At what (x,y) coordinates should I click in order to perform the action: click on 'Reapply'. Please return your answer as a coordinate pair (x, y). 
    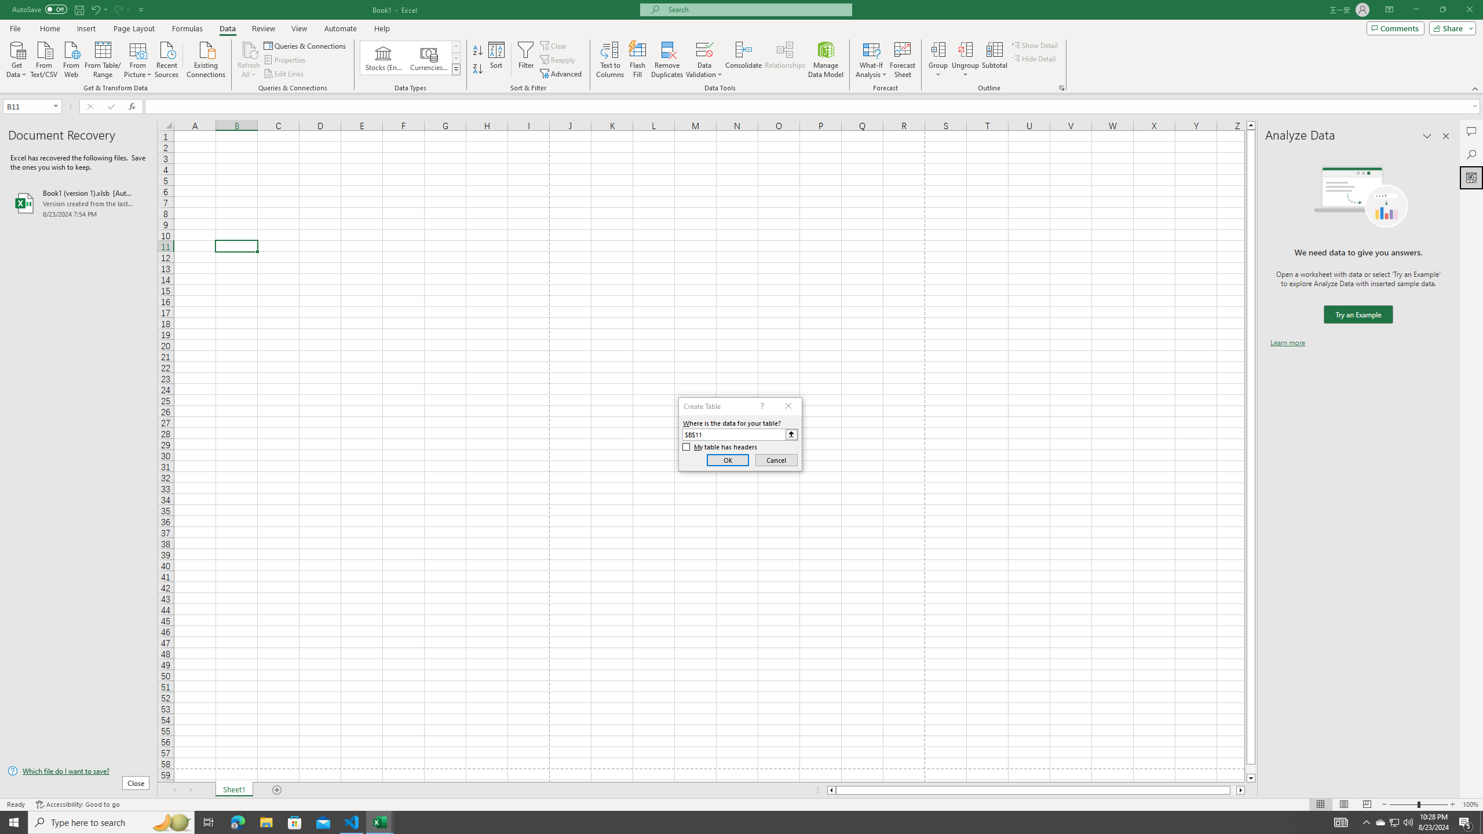
    Looking at the image, I should click on (559, 60).